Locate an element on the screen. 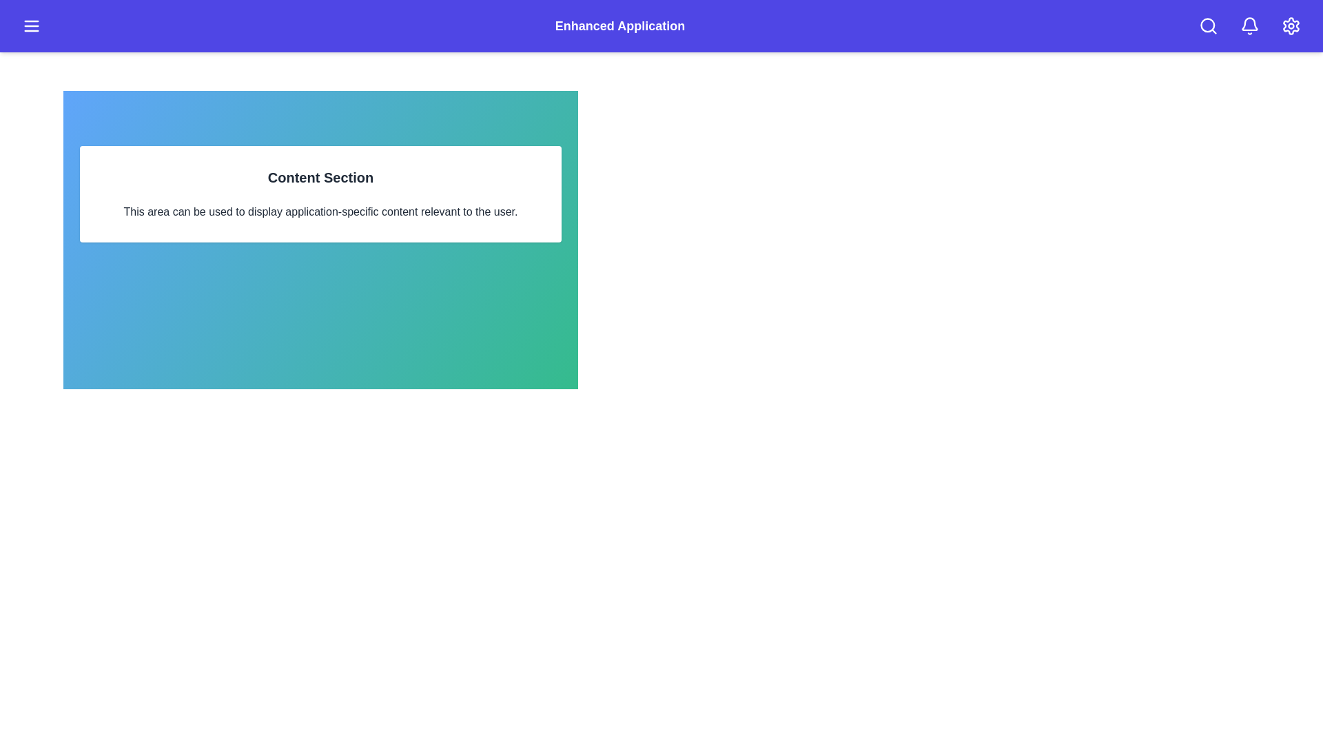 This screenshot has width=1323, height=744. the search icon to initiate a search operation is located at coordinates (1207, 26).